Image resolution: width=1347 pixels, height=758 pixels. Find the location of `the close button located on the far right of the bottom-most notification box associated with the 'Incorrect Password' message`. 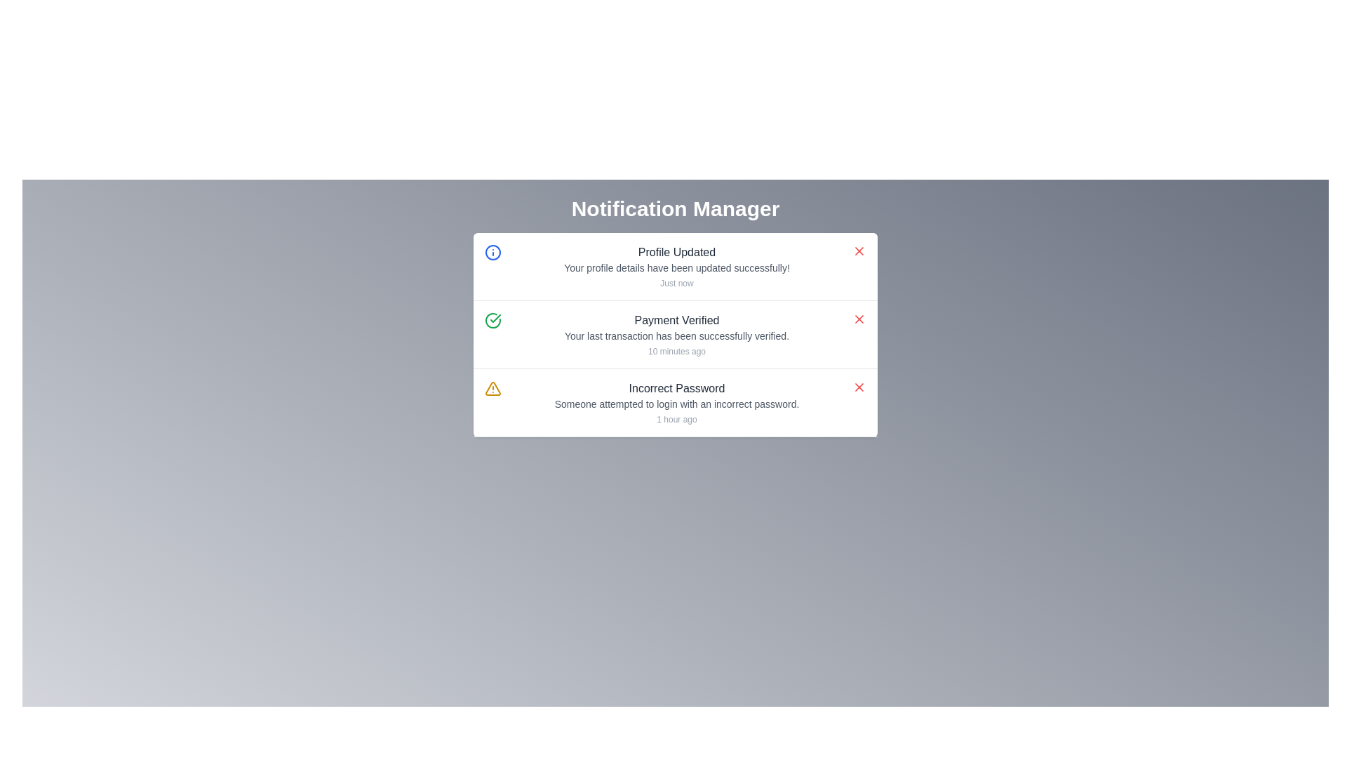

the close button located on the far right of the bottom-most notification box associated with the 'Incorrect Password' message is located at coordinates (858, 387).